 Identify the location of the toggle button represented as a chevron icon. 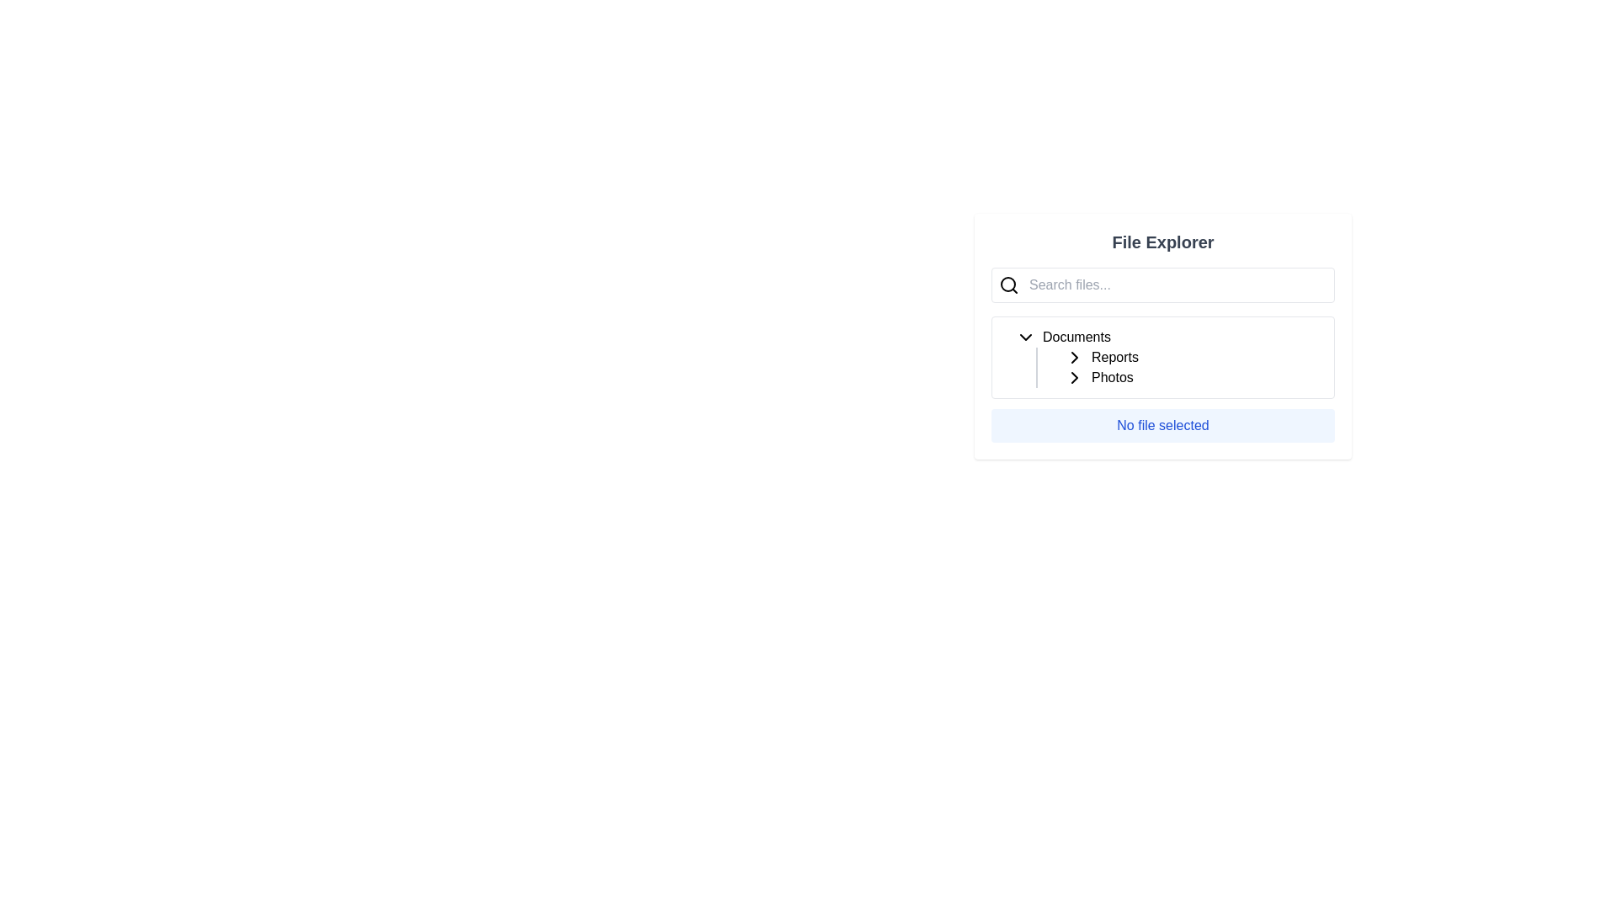
(1073, 356).